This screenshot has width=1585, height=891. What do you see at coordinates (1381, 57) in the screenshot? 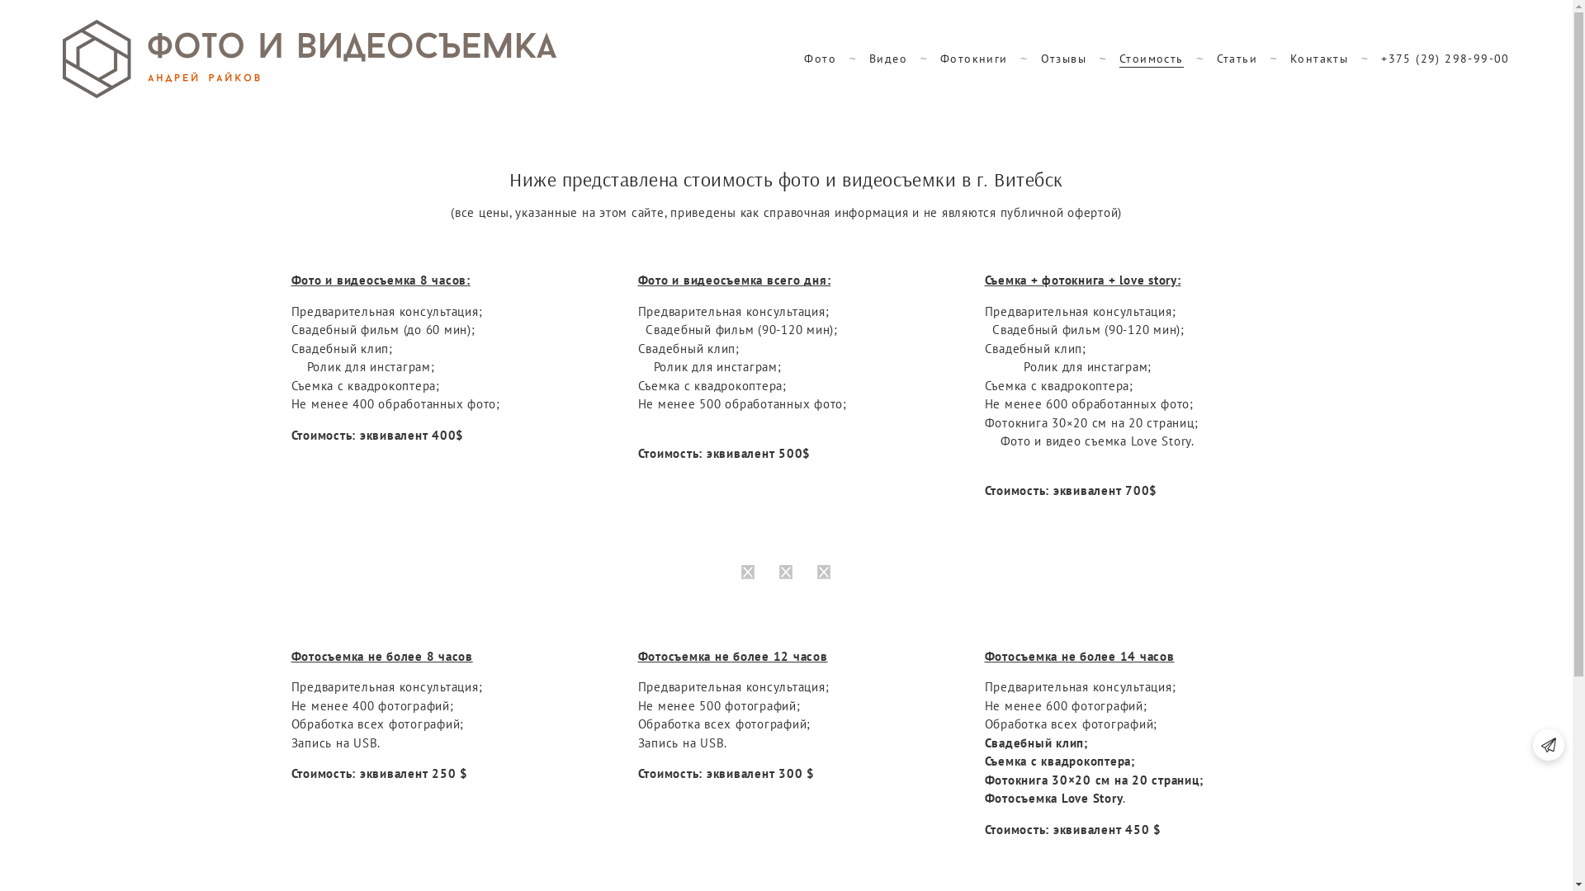
I see `'+375 (29) 298-99-00'` at bounding box center [1381, 57].